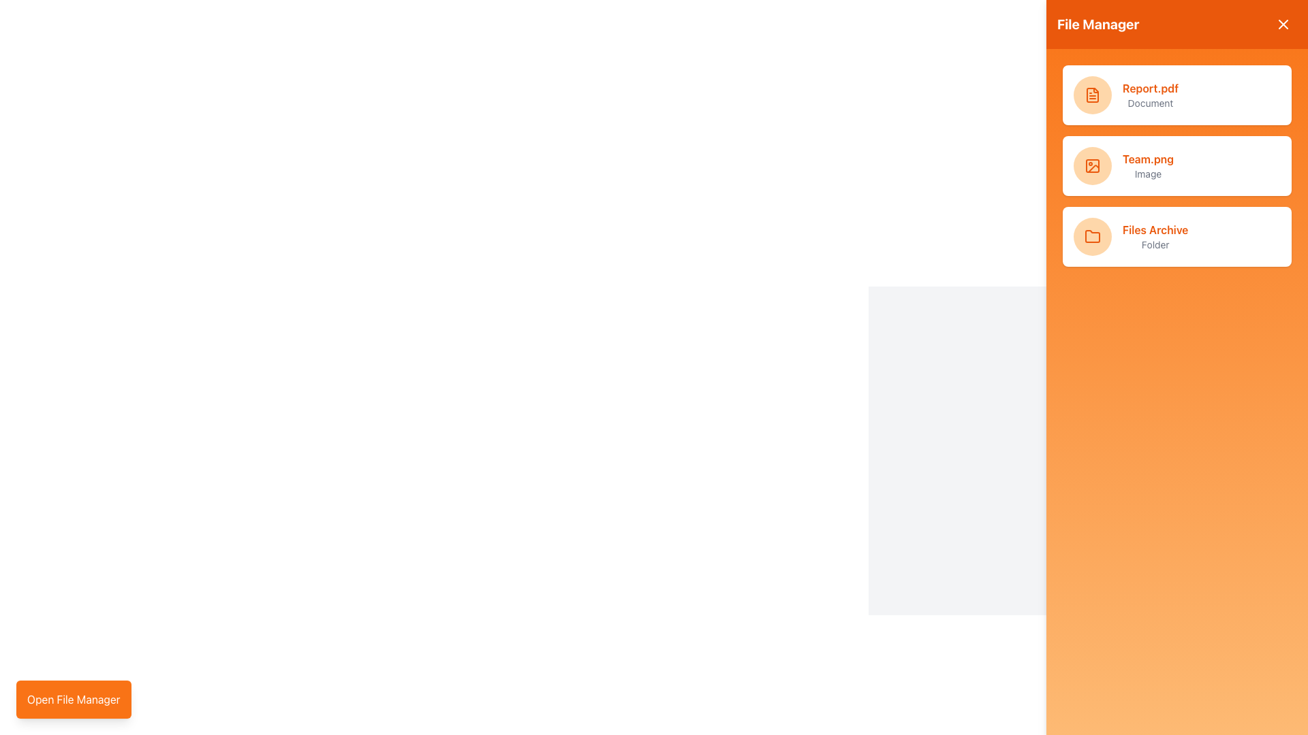 The height and width of the screenshot is (735, 1308). I want to click on the 'X' icon for closing or exiting located at the upper-right corner of the orange File Manager panel, so click(1282, 24).